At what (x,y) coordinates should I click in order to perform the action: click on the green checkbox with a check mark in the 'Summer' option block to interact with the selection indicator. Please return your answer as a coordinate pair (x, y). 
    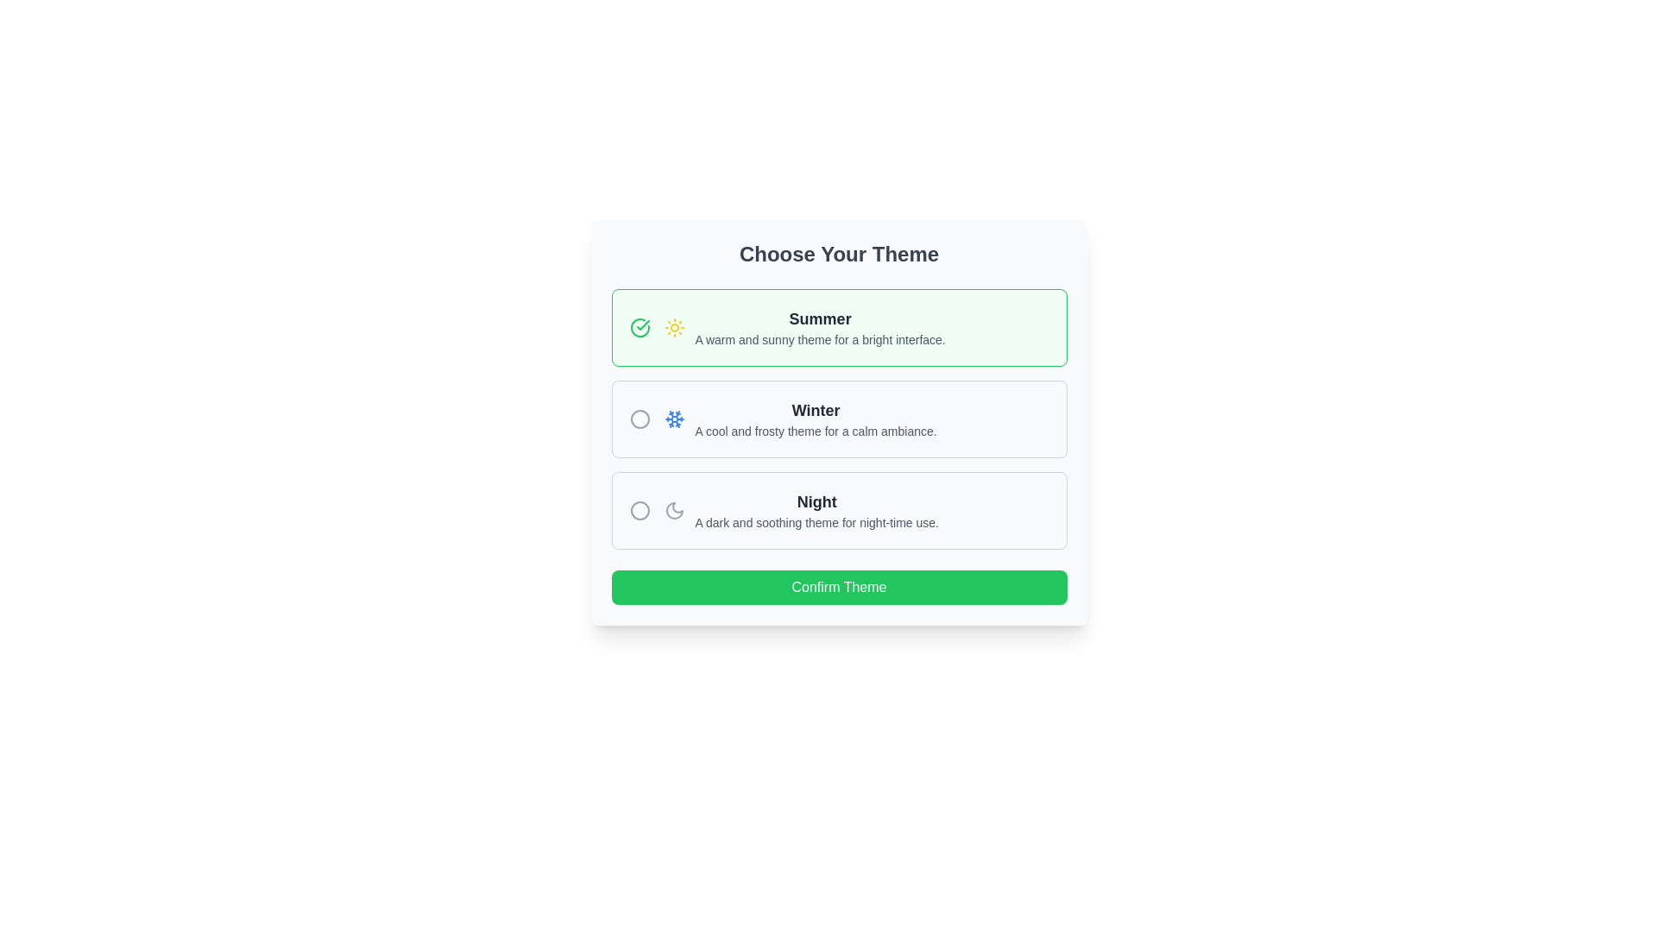
    Looking at the image, I should click on (639, 328).